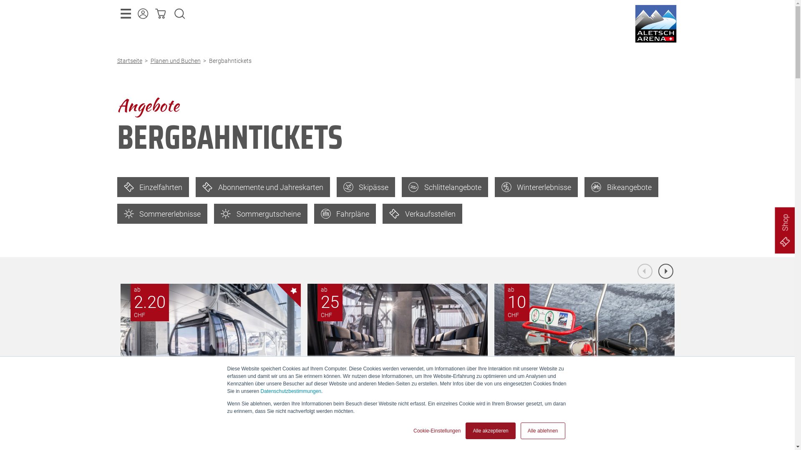  I want to click on 'Cookie-Einstellungen', so click(436, 430).